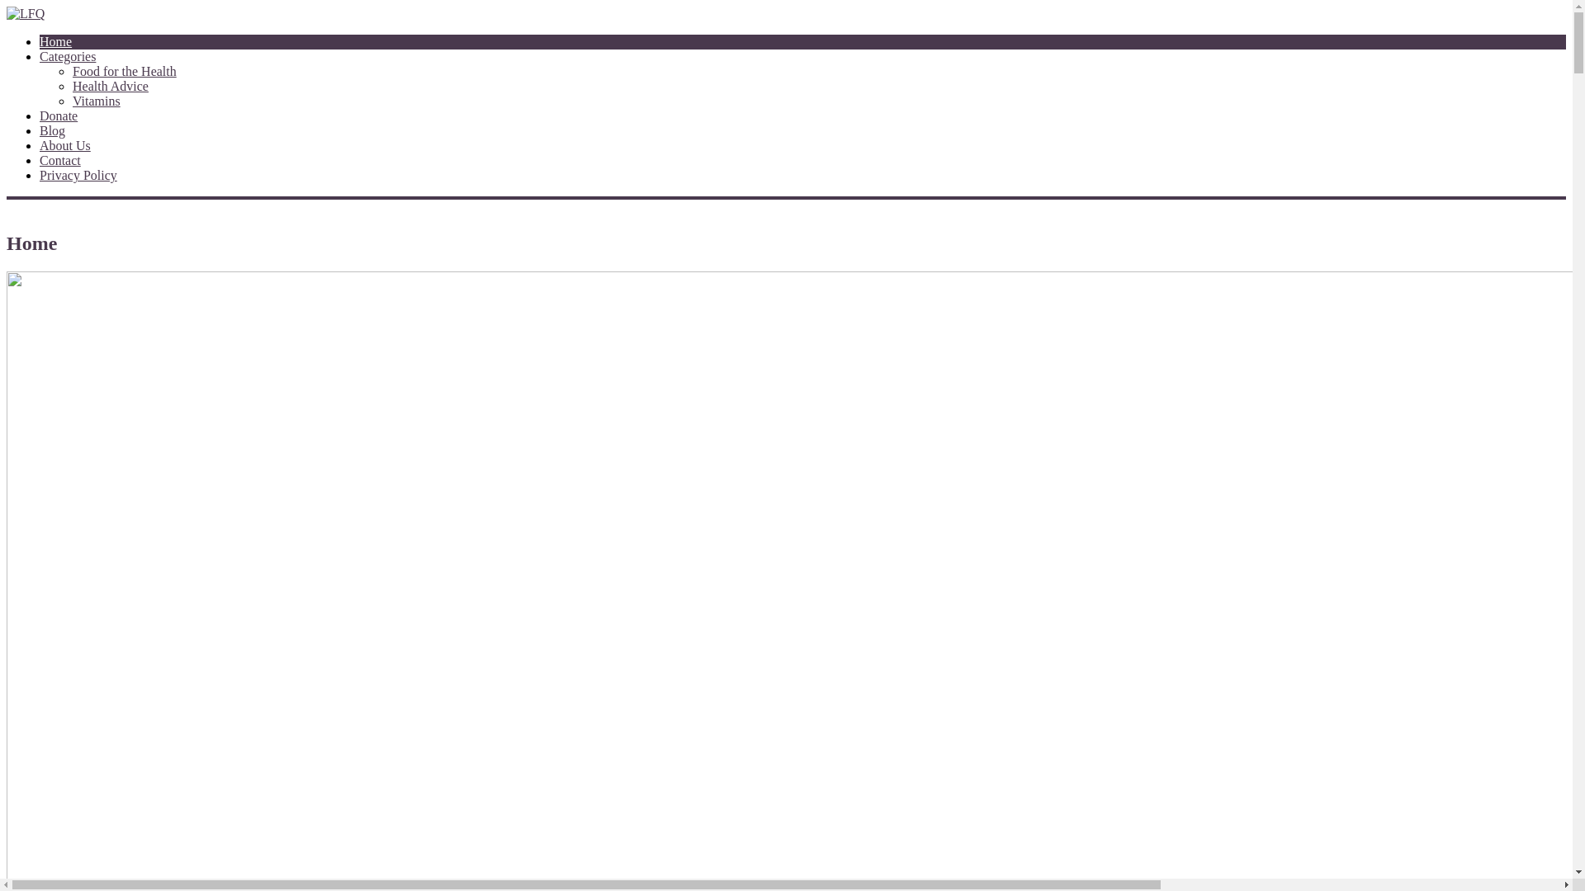 The height and width of the screenshot is (891, 1585). Describe the element at coordinates (110, 86) in the screenshot. I see `'Health Advice'` at that location.